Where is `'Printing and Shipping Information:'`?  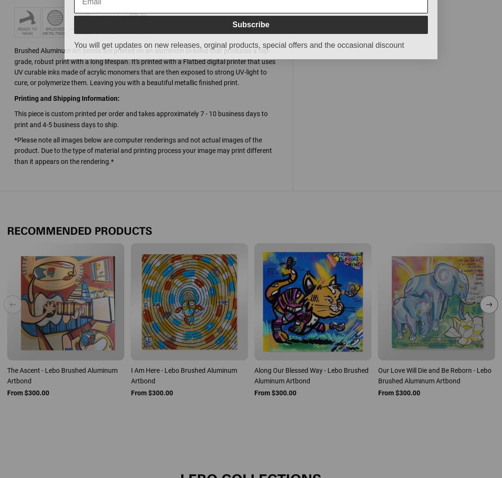
'Printing and Shipping Information:' is located at coordinates (66, 98).